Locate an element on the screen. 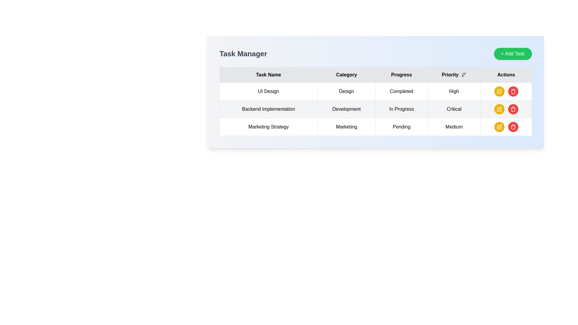 The height and width of the screenshot is (325, 578). text content of the table cell displaying 'Marketing Strategy', which is located in the first column of the last row of the 'Task Manager' table is located at coordinates (268, 126).